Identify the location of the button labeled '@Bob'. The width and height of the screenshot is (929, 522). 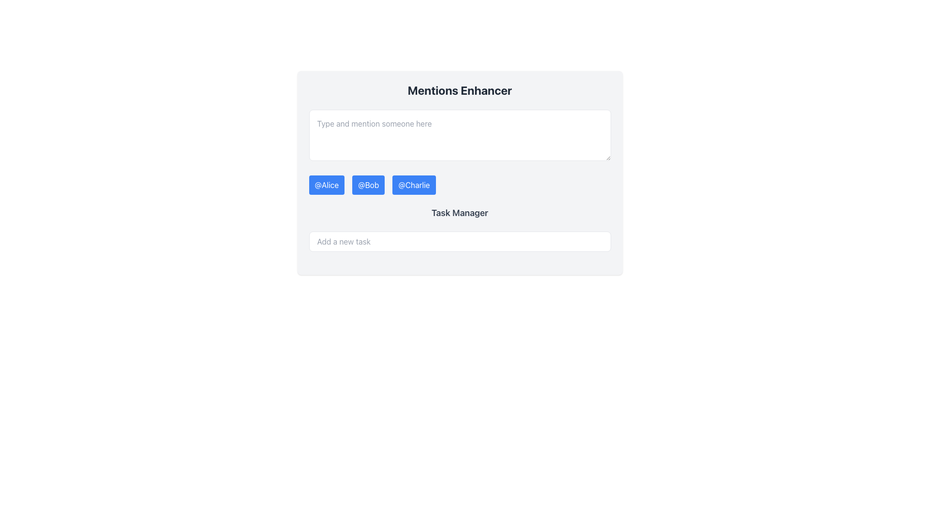
(368, 185).